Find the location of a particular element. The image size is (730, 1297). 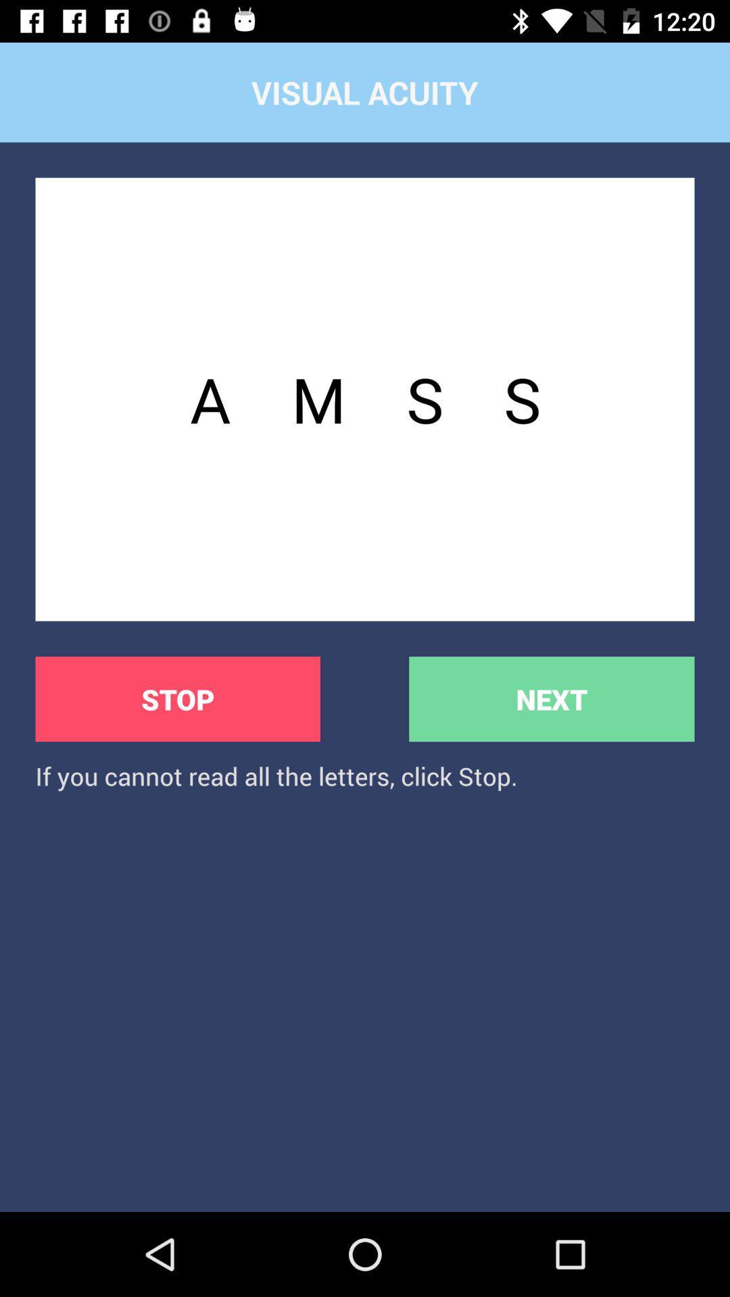

the next button is located at coordinates (552, 699).